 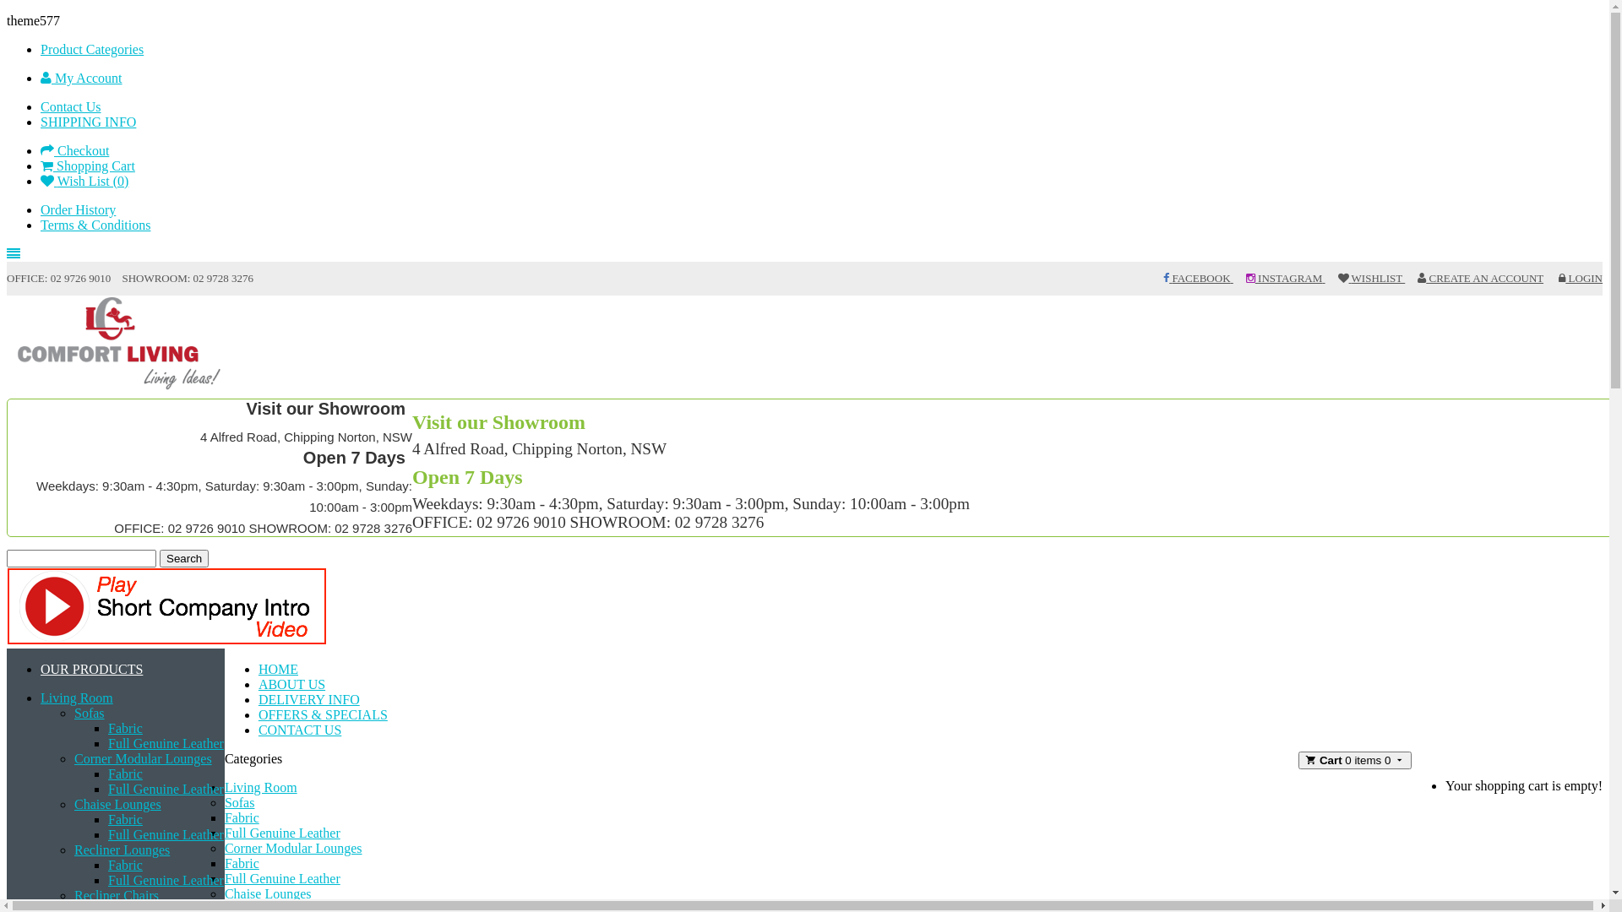 I want to click on 'OUR PRODUCTS', so click(x=41, y=668).